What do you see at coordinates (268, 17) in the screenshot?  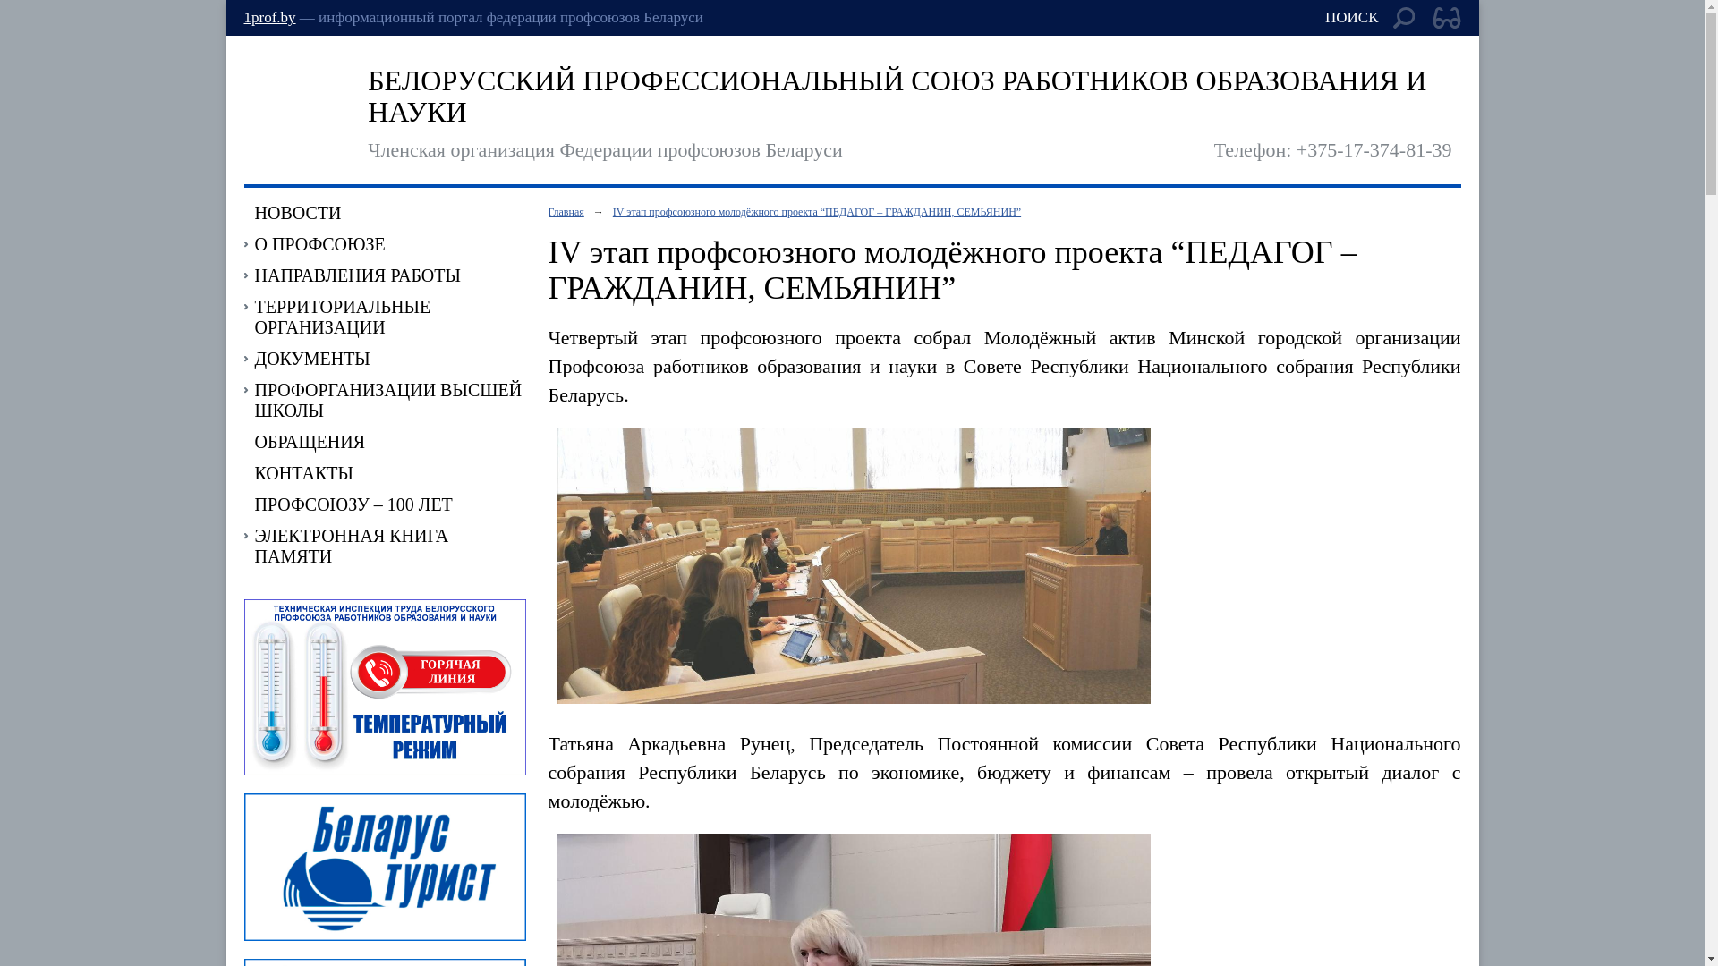 I see `'1prof.by'` at bounding box center [268, 17].